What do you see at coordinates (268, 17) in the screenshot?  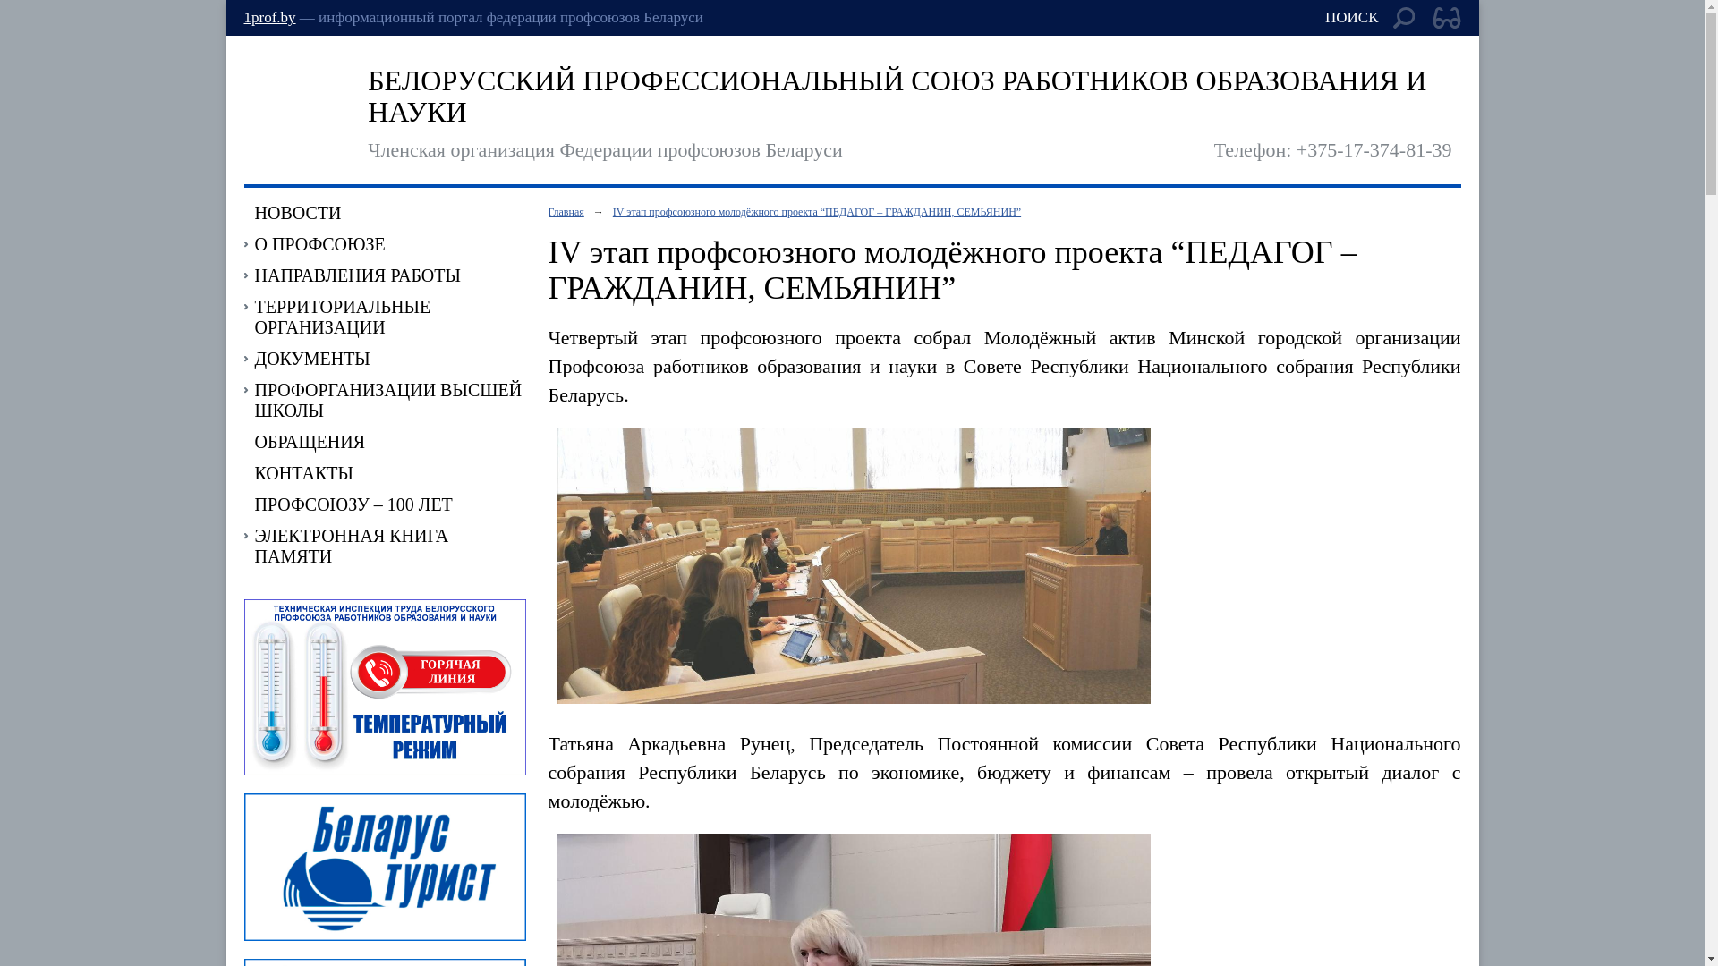 I see `'1prof.by'` at bounding box center [268, 17].